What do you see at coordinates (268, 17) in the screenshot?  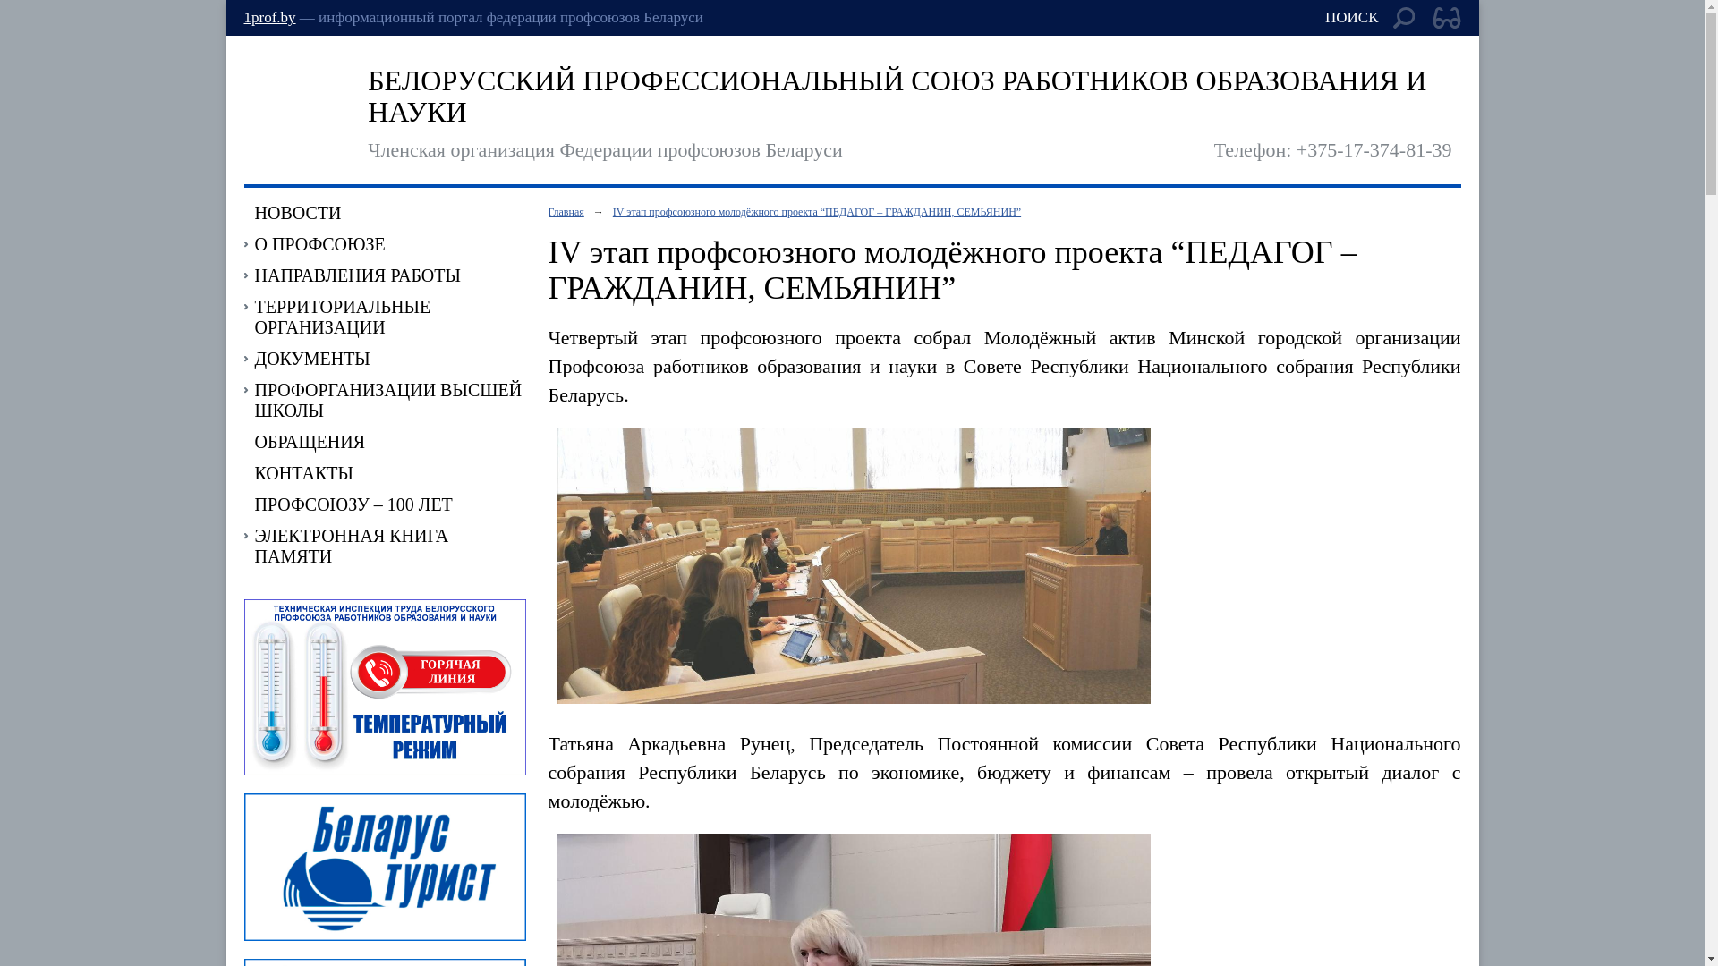 I see `'1prof.by'` at bounding box center [268, 17].